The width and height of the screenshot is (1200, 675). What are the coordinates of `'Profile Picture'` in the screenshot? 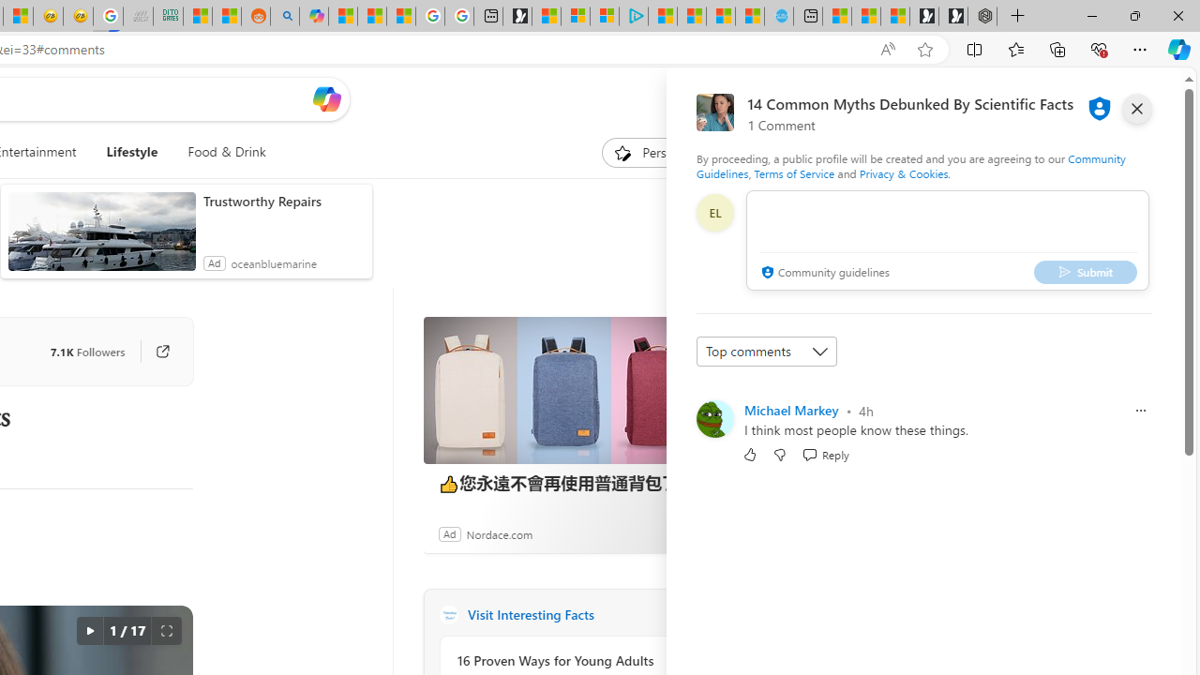 It's located at (713, 418).